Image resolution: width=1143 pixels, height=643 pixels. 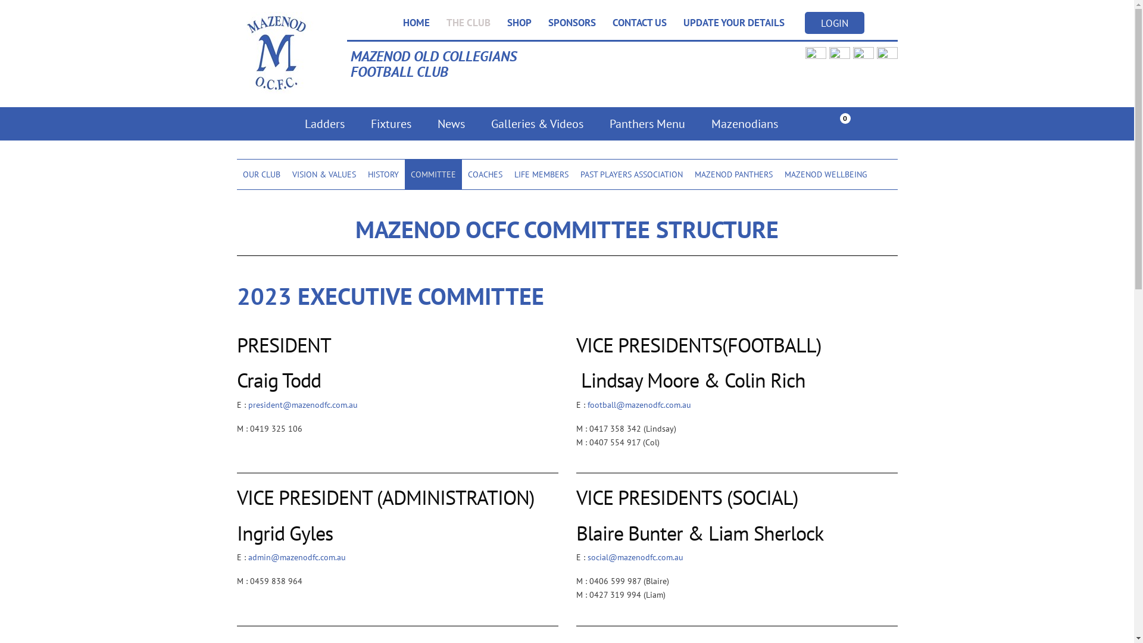 What do you see at coordinates (357, 124) in the screenshot?
I see `'Fixtures'` at bounding box center [357, 124].